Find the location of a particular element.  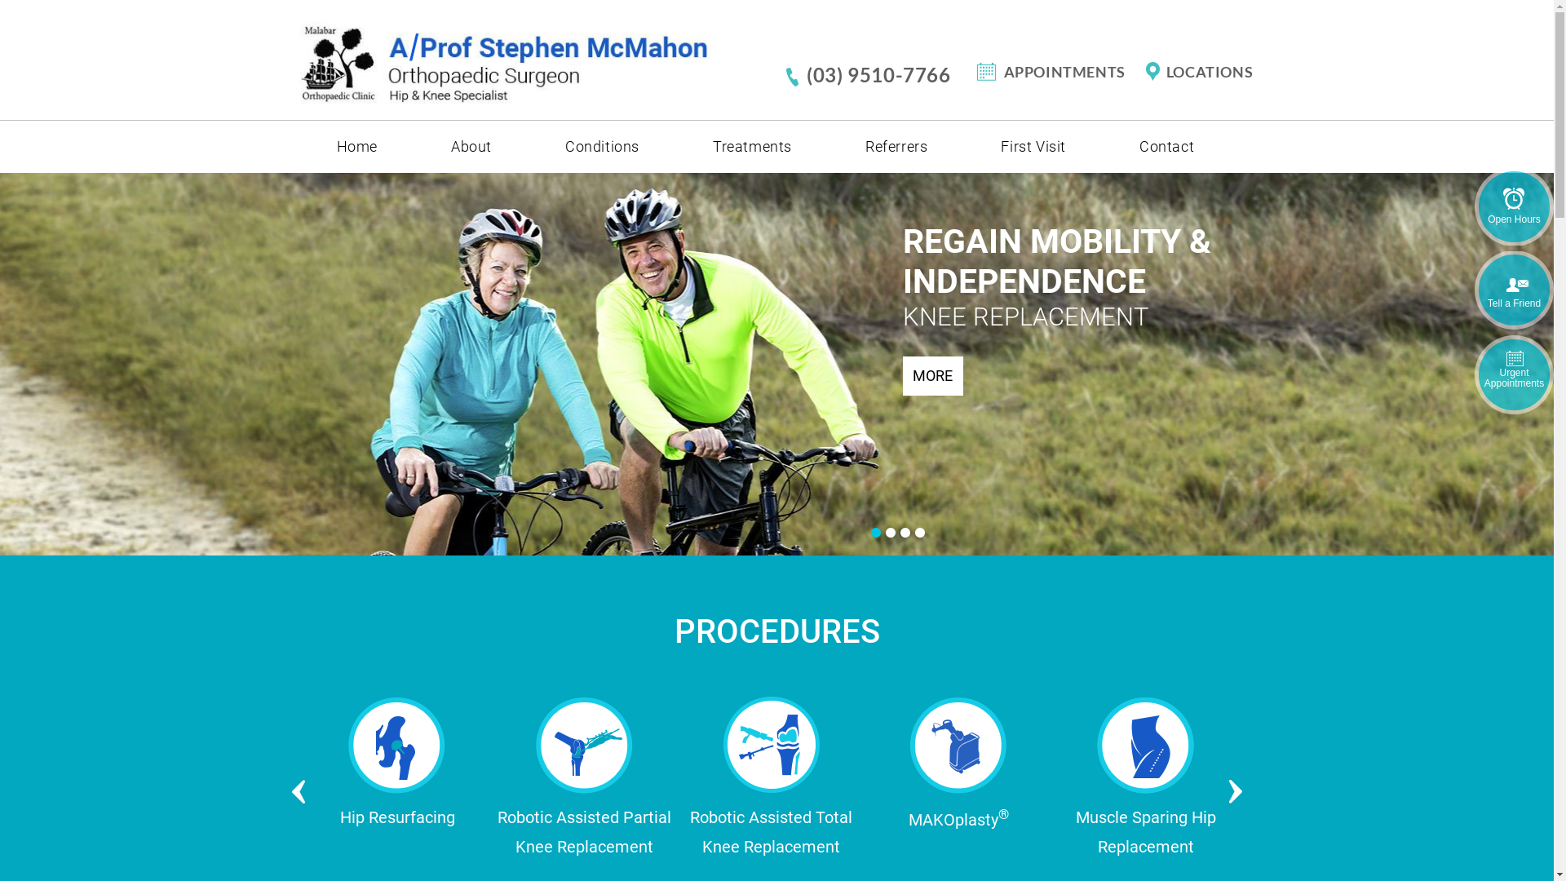

'Open Hours' is located at coordinates (1513, 206).